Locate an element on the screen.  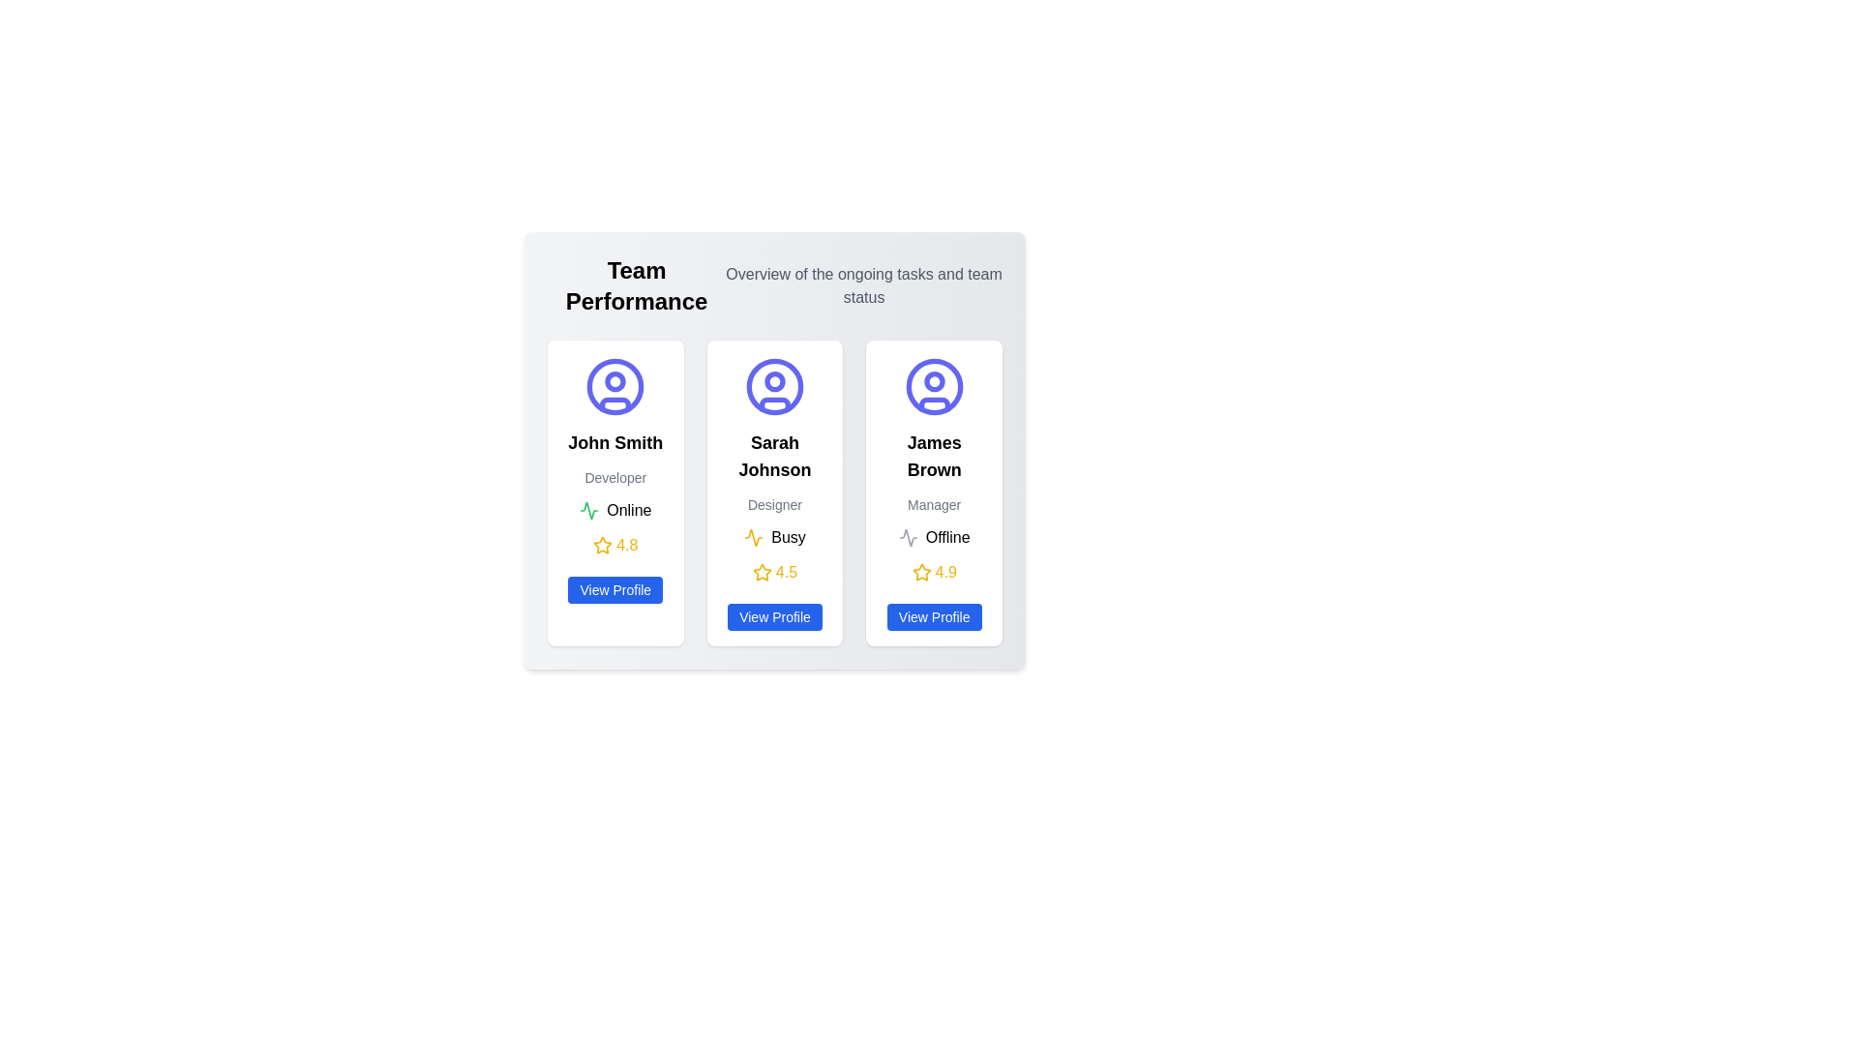
the activity status icon indicating Sarah Johnson is 'Busy', located below the 'Designer' label within her card is located at coordinates (753, 537).